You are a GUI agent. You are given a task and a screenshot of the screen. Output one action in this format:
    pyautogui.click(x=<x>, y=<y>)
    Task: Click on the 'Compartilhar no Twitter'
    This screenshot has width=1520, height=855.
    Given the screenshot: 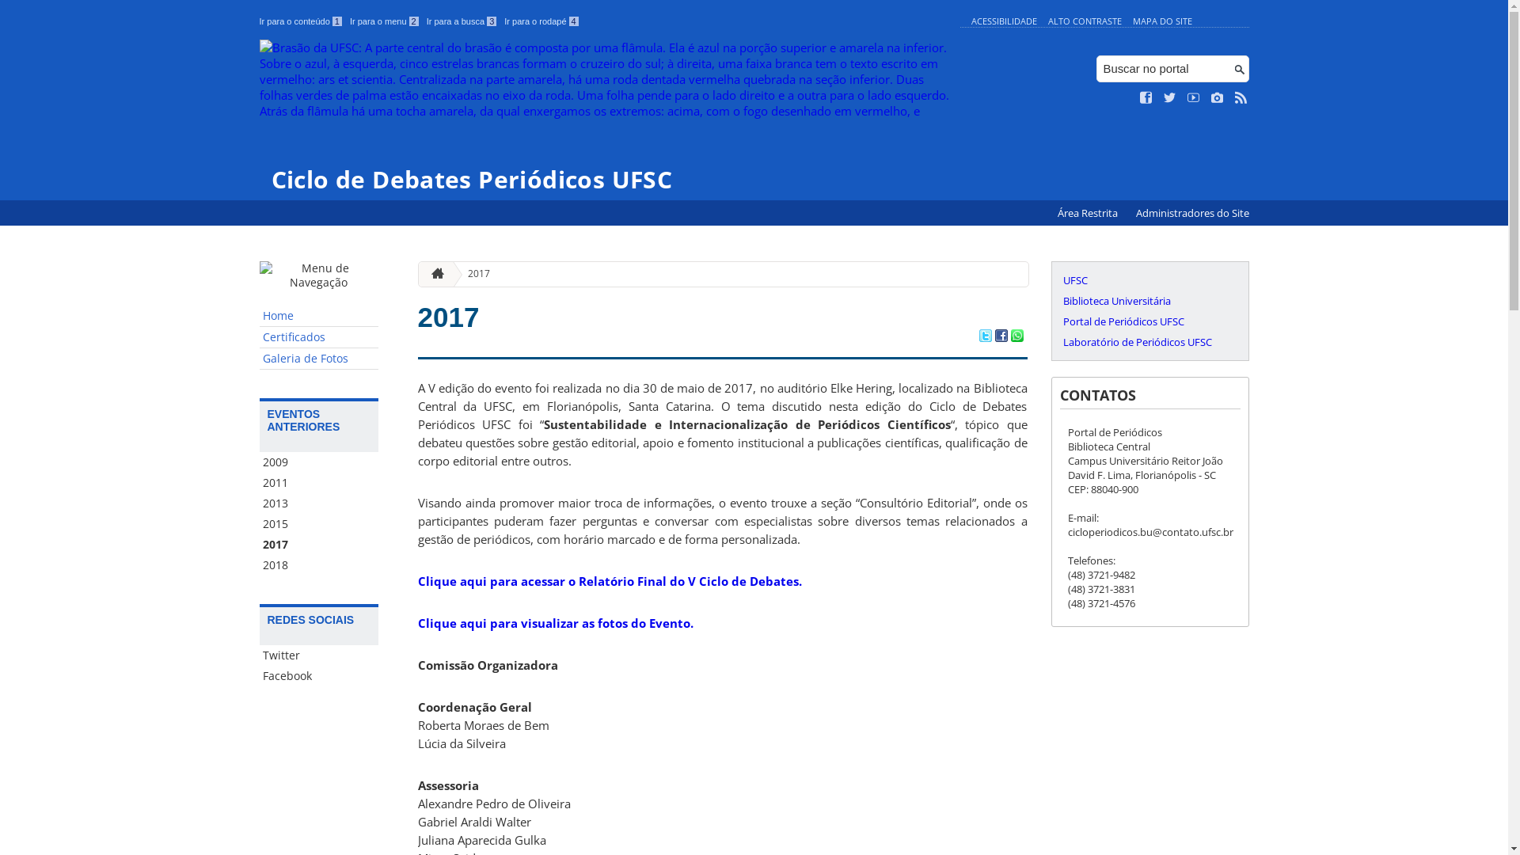 What is the action you would take?
    pyautogui.click(x=978, y=336)
    